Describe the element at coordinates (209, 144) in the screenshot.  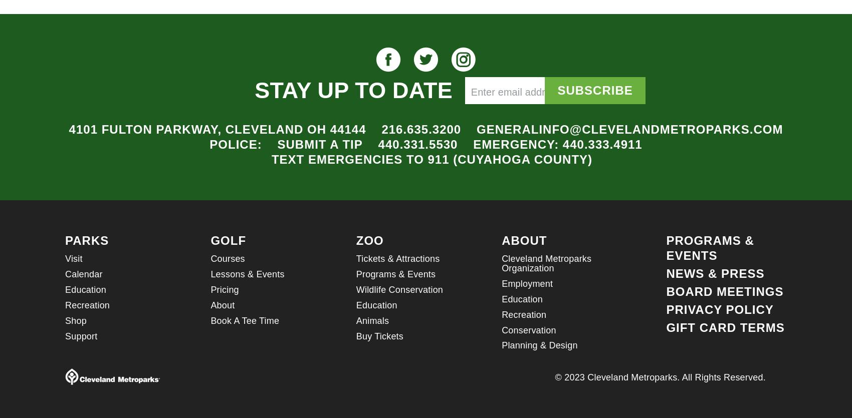
I see `'Police:'` at that location.